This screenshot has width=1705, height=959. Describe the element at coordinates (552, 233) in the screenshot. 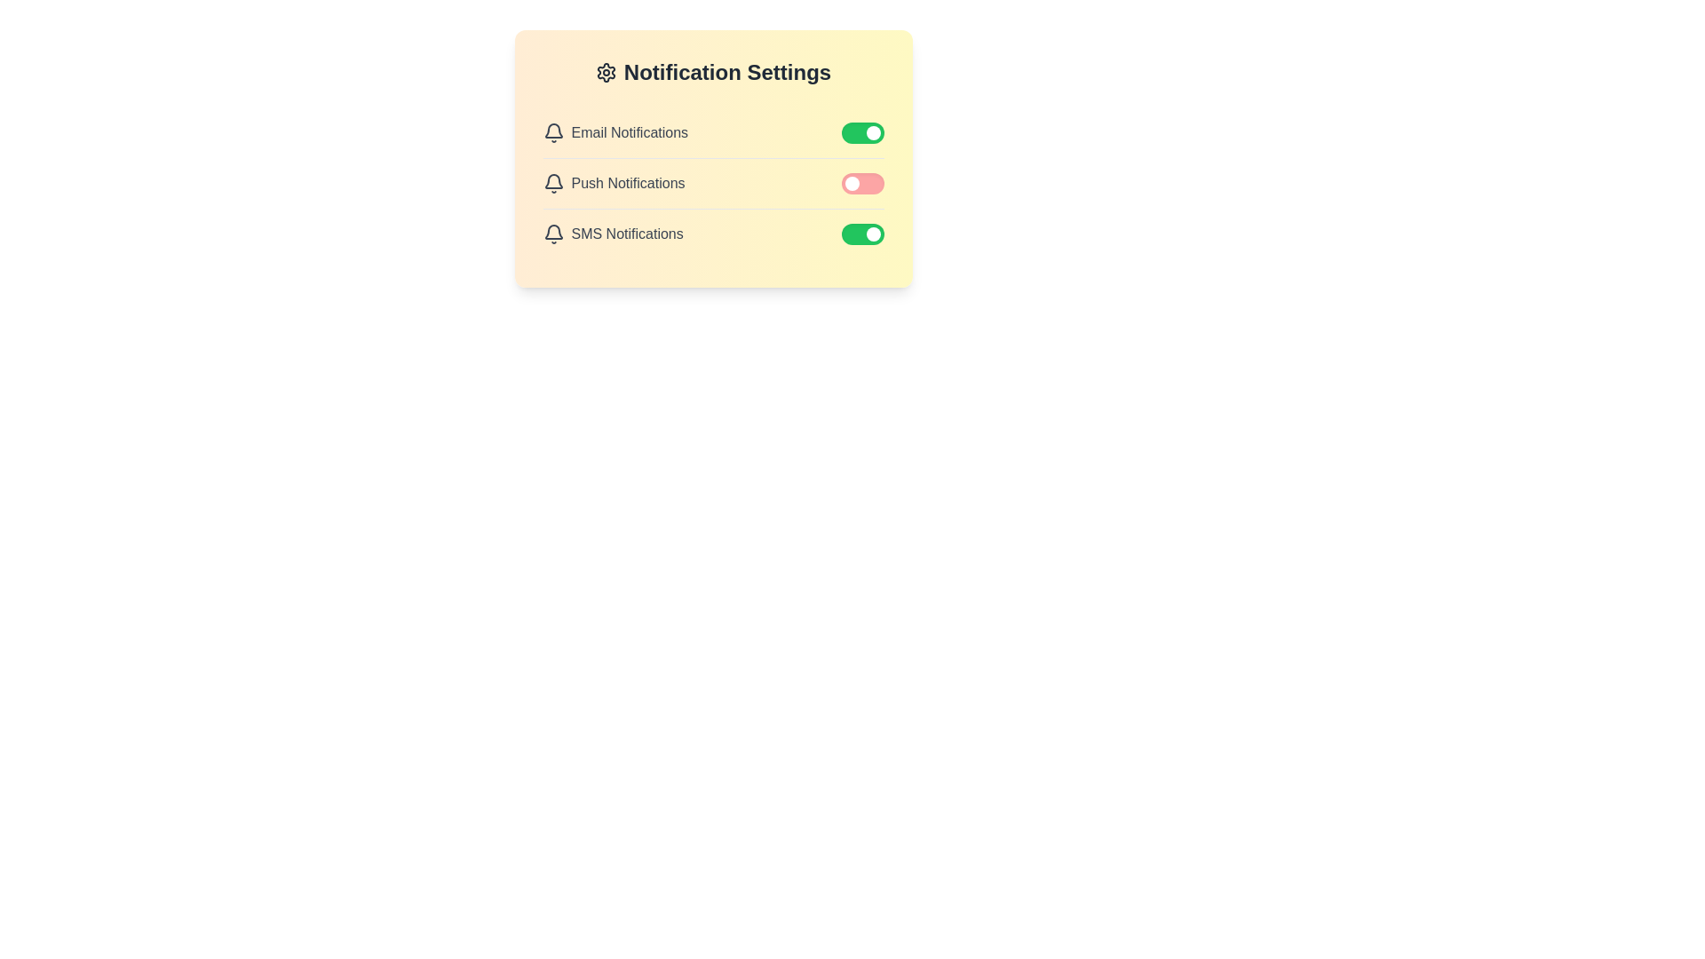

I see `the notification icon for SMS Notifications` at that location.